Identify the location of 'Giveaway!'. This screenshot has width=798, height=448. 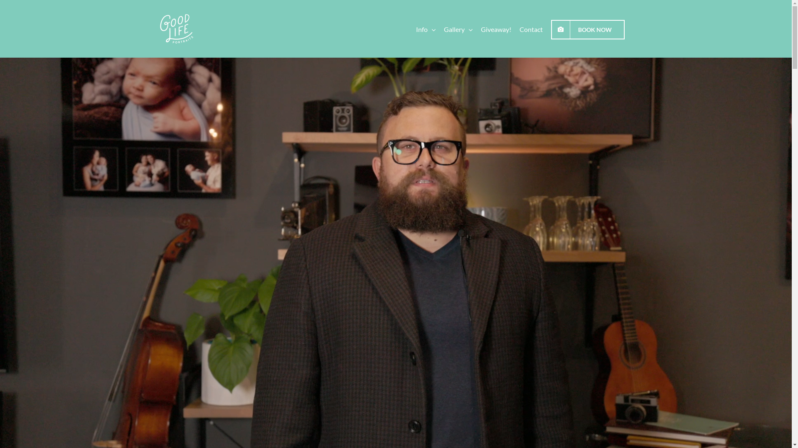
(495, 28).